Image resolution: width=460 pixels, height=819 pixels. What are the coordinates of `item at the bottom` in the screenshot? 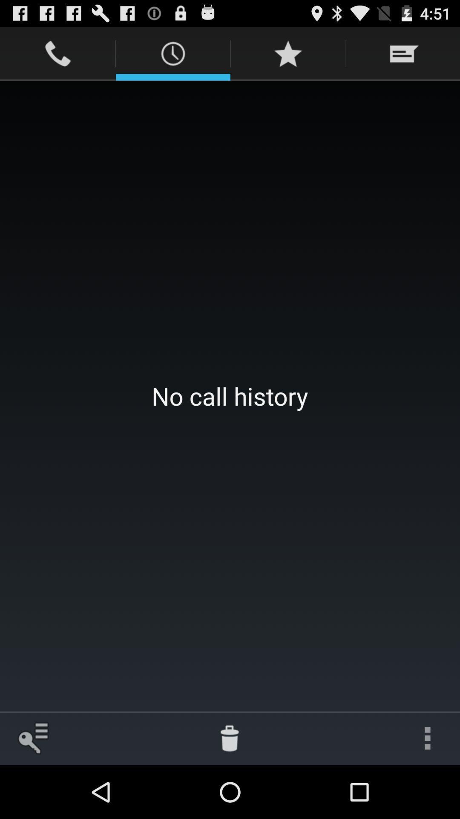 It's located at (229, 738).